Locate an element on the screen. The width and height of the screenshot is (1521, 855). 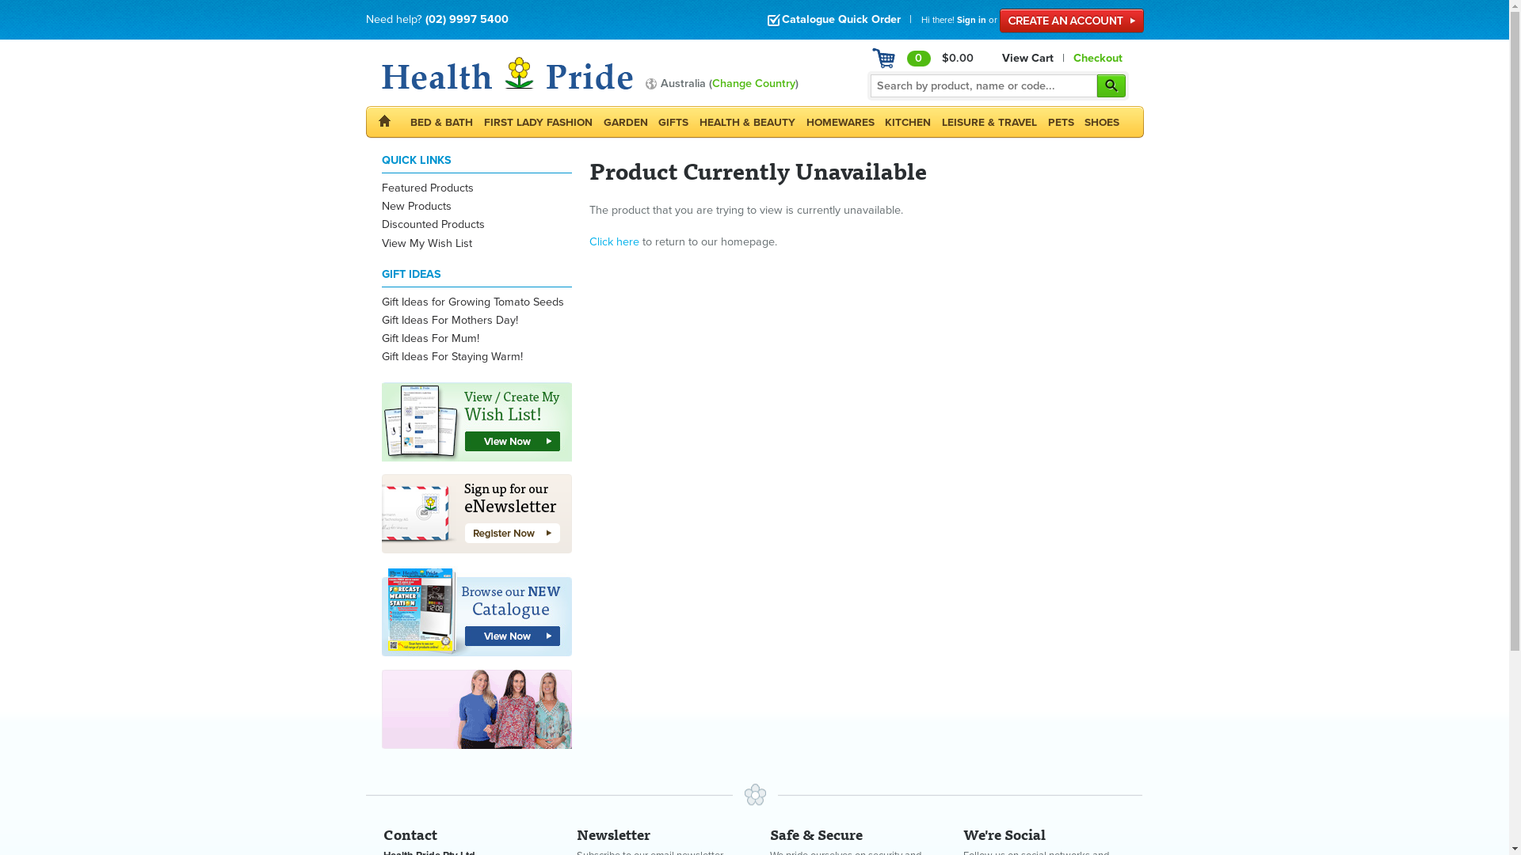
'HOMEWARES' is located at coordinates (839, 121).